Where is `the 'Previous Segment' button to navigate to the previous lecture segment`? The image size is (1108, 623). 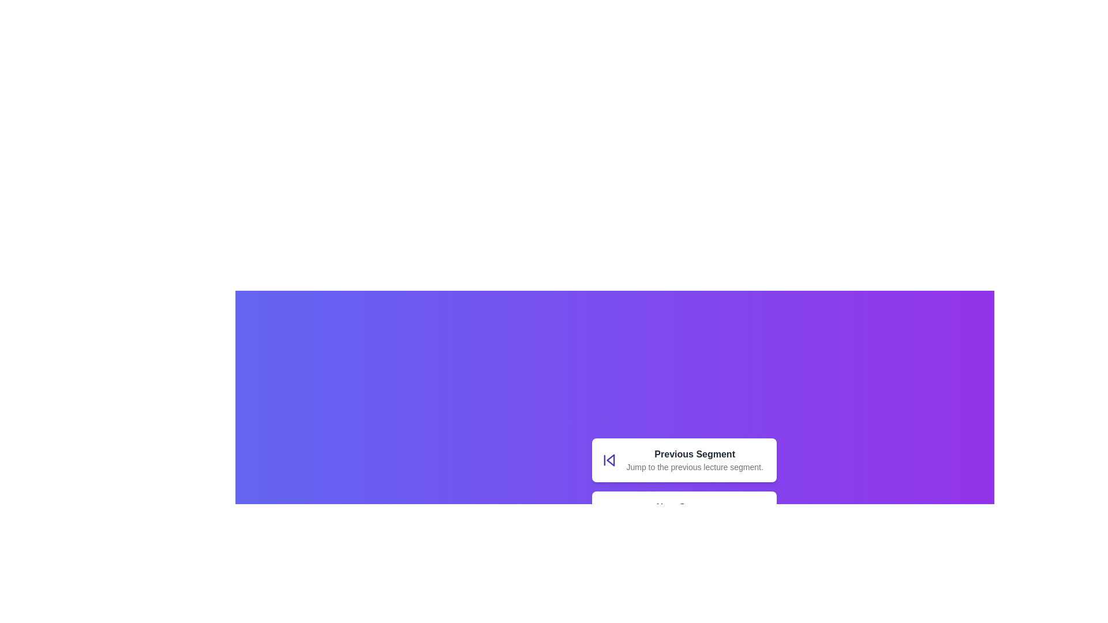
the 'Previous Segment' button to navigate to the previous lecture segment is located at coordinates (608, 460).